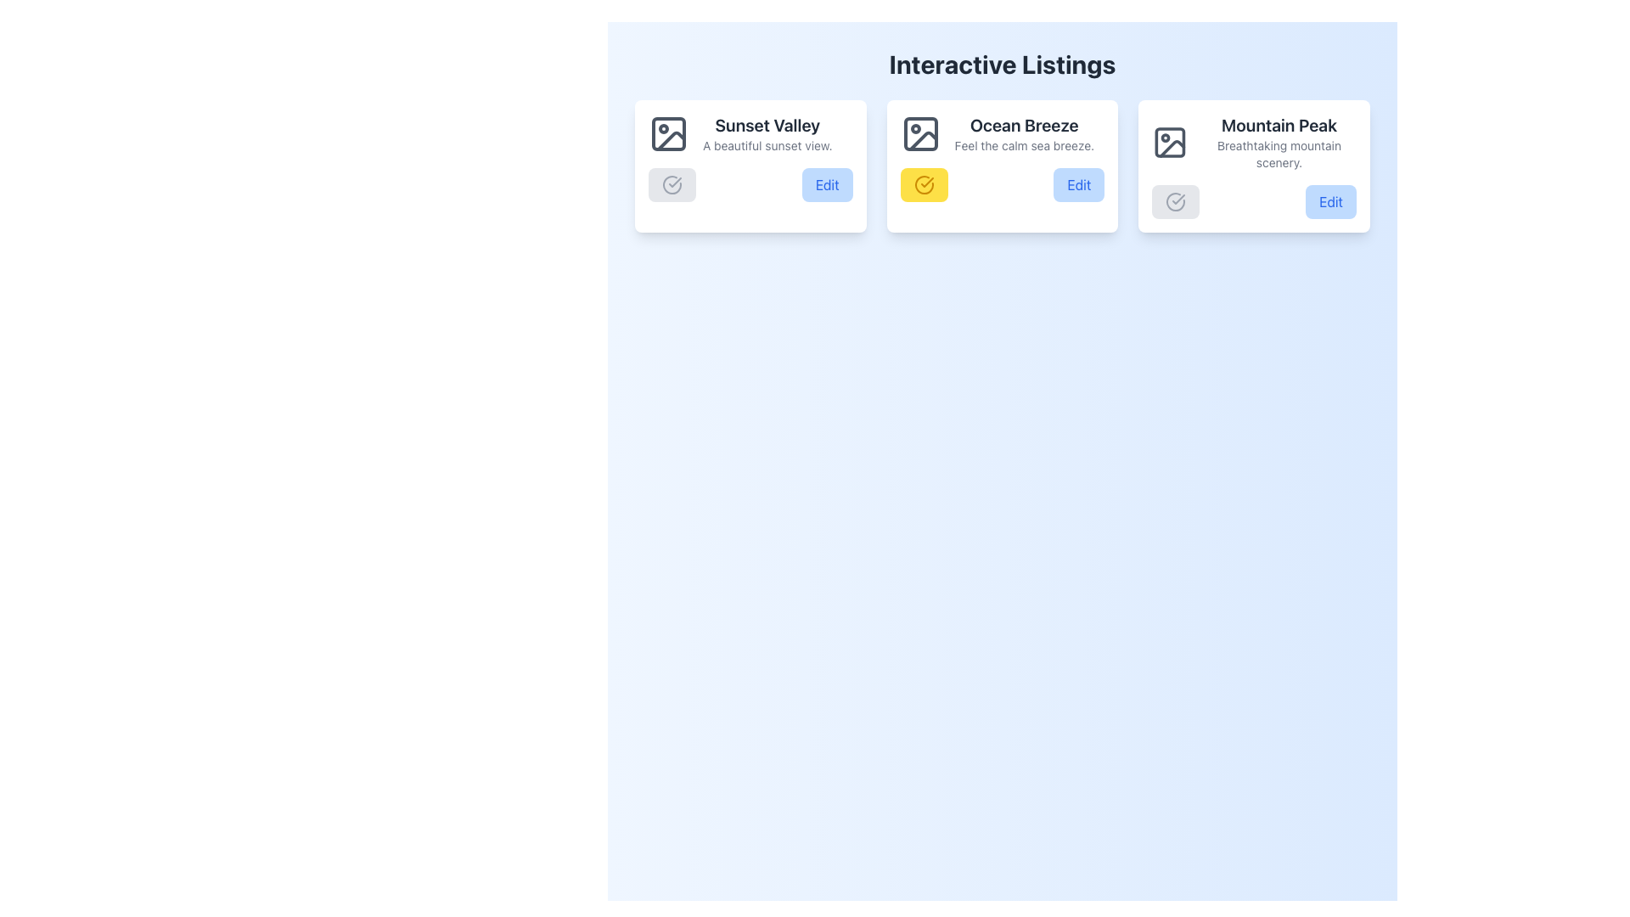  What do you see at coordinates (1023, 145) in the screenshot?
I see `the text element that says 'Feel the calm sea breeze.' which is styled in a small, gray font and is located below the 'Ocean Breeze' title within a card-like component` at bounding box center [1023, 145].